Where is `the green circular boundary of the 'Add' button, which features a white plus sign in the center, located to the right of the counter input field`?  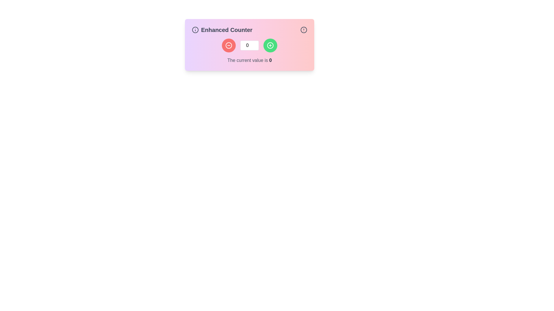 the green circular boundary of the 'Add' button, which features a white plus sign in the center, located to the right of the counter input field is located at coordinates (270, 45).